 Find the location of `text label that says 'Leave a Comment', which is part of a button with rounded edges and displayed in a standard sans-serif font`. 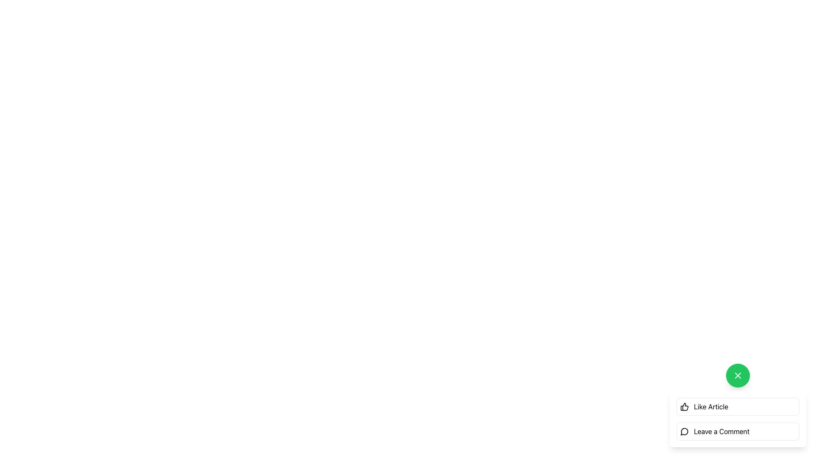

text label that says 'Leave a Comment', which is part of a button with rounded edges and displayed in a standard sans-serif font is located at coordinates (721, 431).